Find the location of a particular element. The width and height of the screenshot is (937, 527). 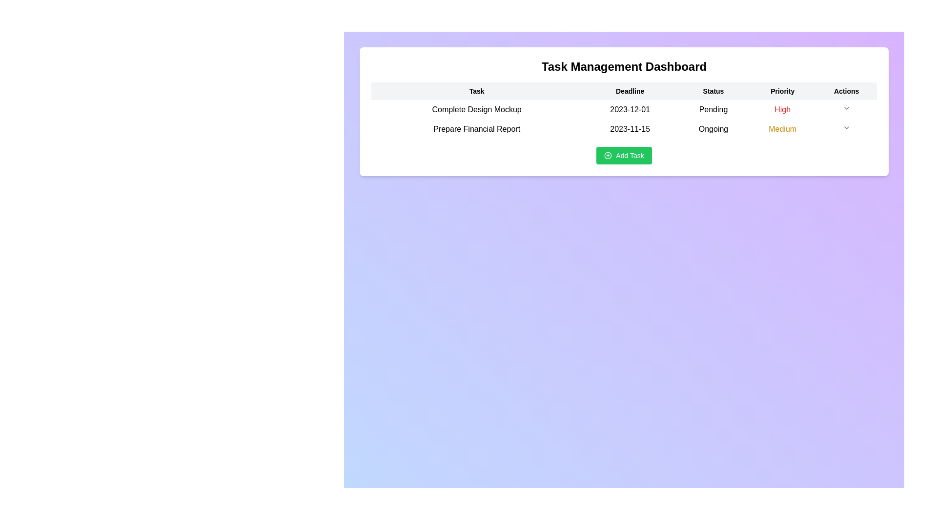

the Dropdown toggle icon, which is a triangular downward-pointing arrow located at the far-right end of the row labeled 'Prepare Financial Report' under the 'Actions' column is located at coordinates (846, 129).